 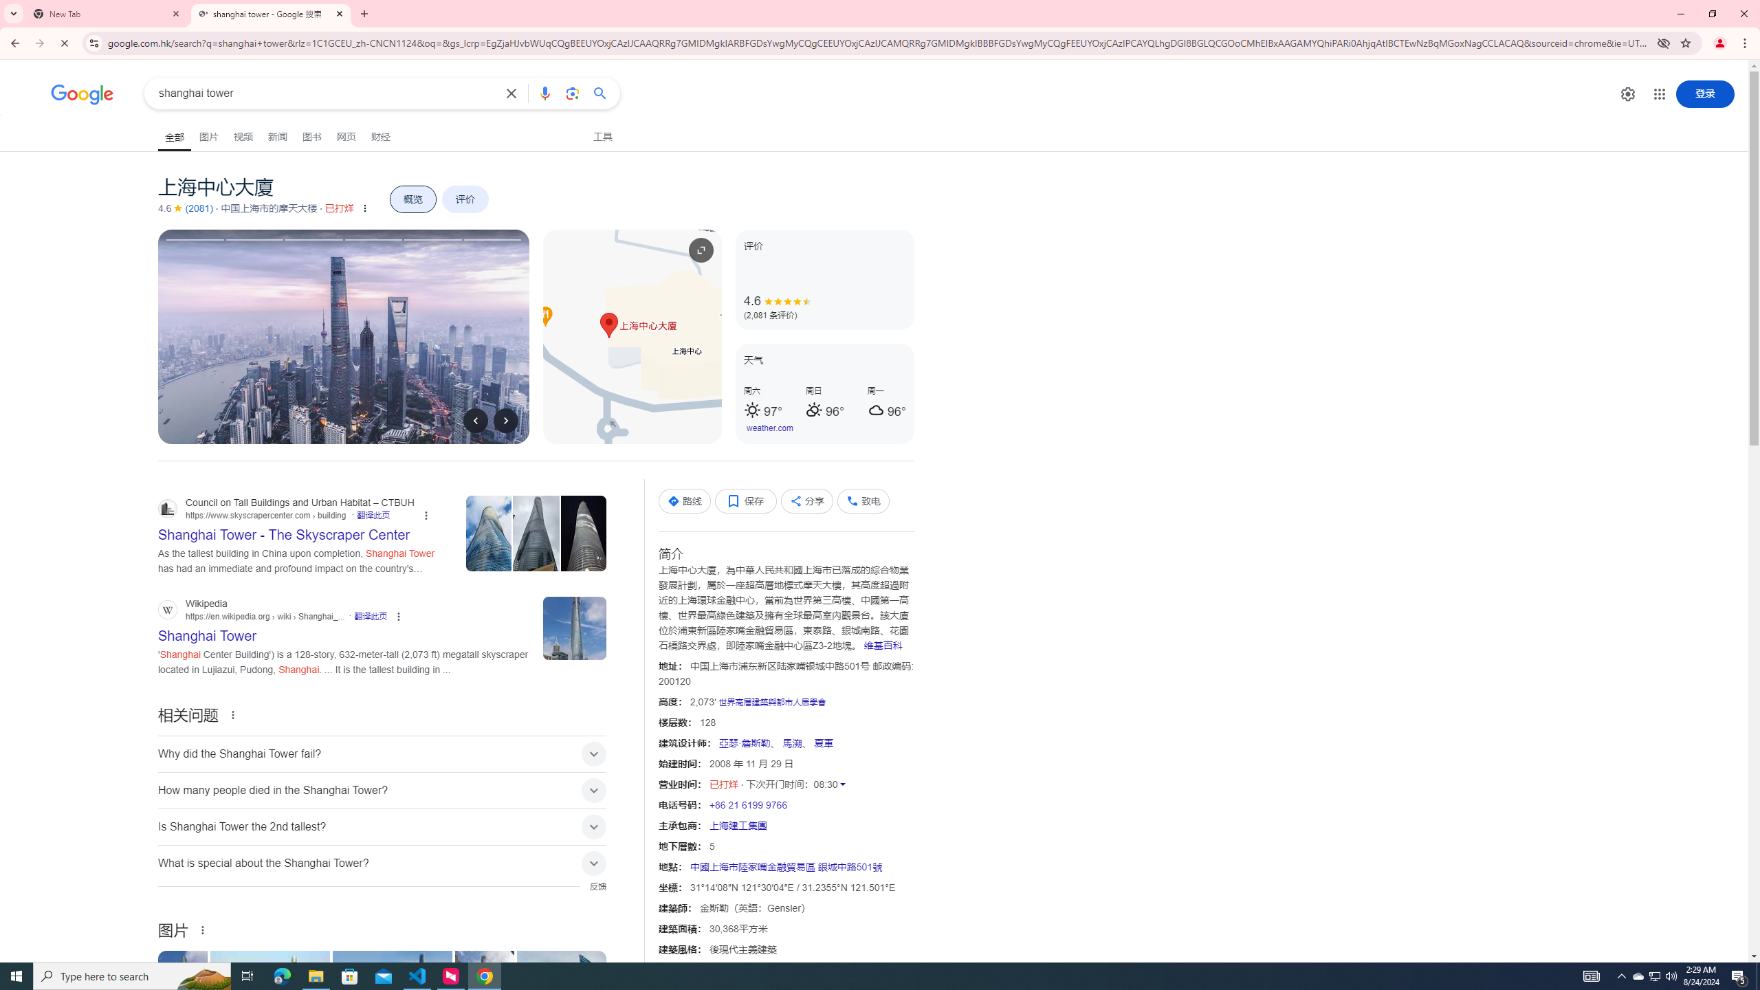 What do you see at coordinates (770, 428) in the screenshot?
I see `'weather.com'` at bounding box center [770, 428].